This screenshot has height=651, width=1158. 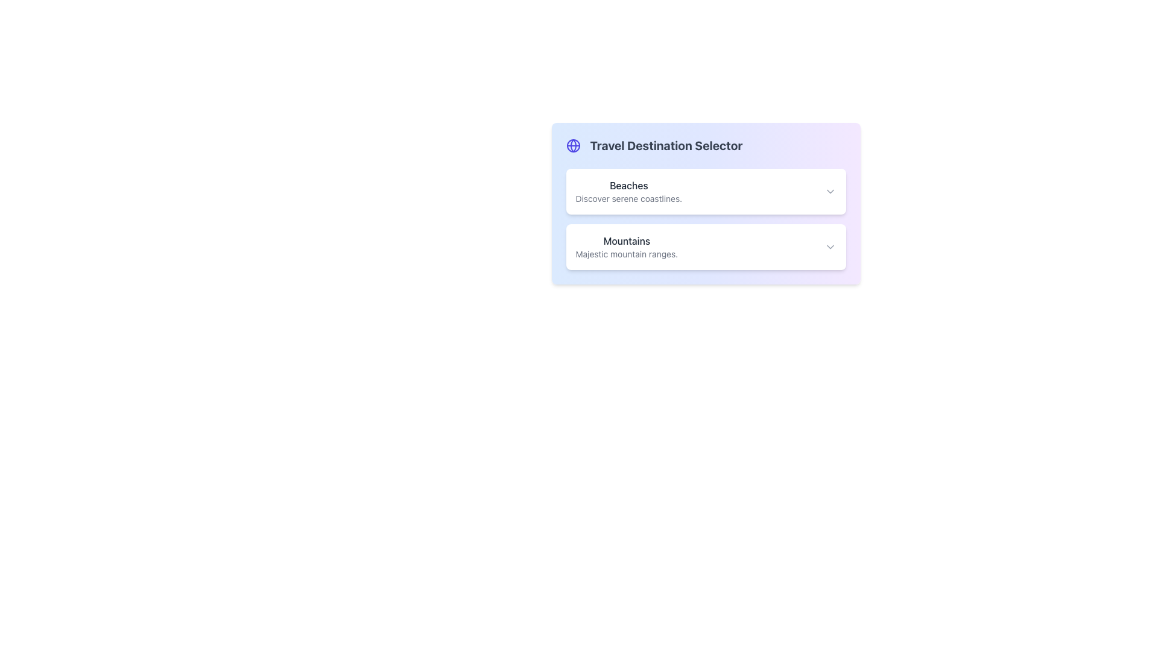 What do you see at coordinates (706, 219) in the screenshot?
I see `the 'Beaches' selection in the collapsible travel destination menu` at bounding box center [706, 219].